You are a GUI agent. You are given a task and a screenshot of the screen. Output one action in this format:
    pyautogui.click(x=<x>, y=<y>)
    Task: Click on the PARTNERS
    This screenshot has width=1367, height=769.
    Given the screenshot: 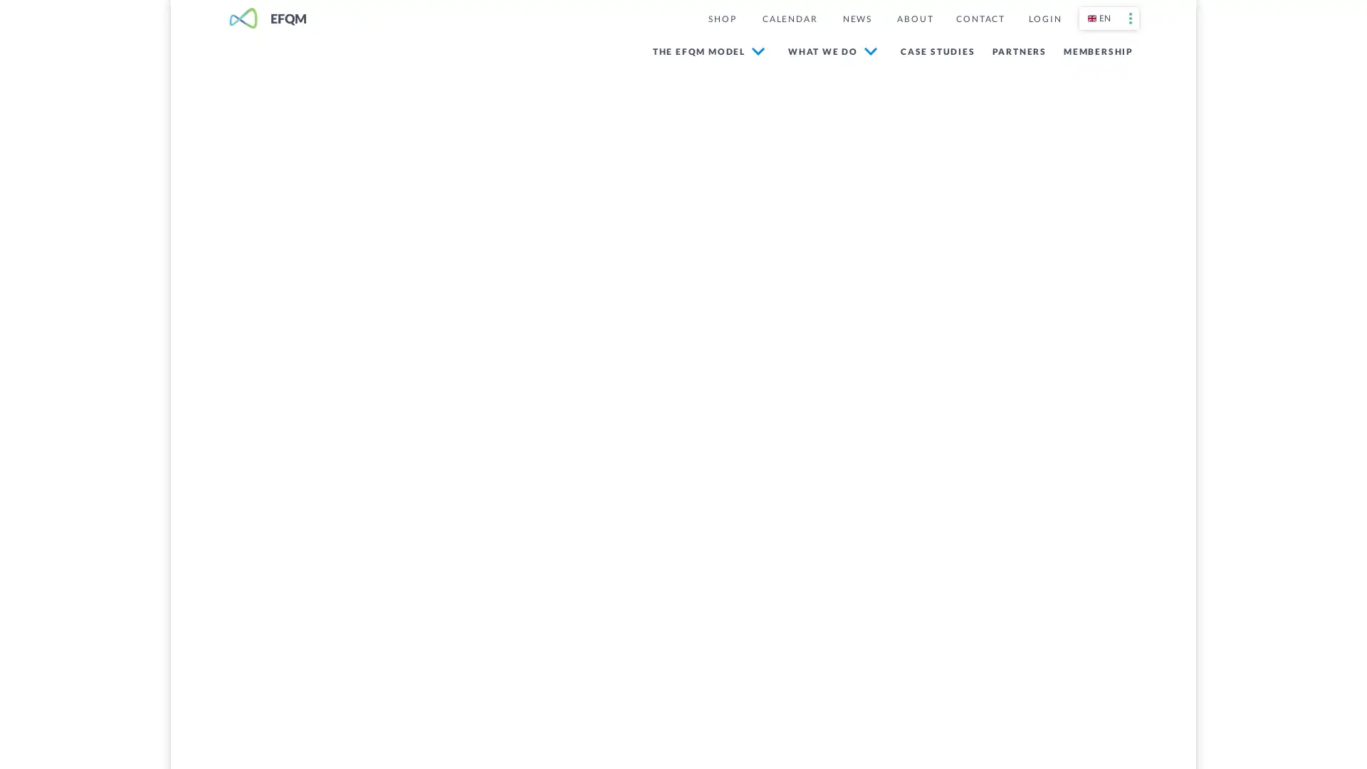 What is the action you would take?
    pyautogui.click(x=1015, y=50)
    